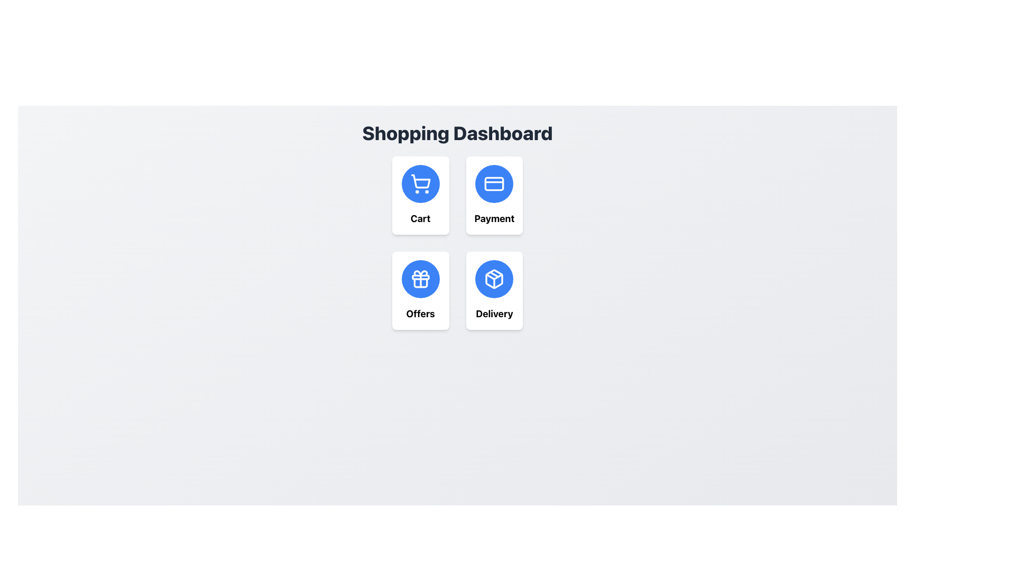 The width and height of the screenshot is (1015, 571). Describe the element at coordinates (420, 279) in the screenshot. I see `the circular blue Icon Button with a white gift box icon` at that location.